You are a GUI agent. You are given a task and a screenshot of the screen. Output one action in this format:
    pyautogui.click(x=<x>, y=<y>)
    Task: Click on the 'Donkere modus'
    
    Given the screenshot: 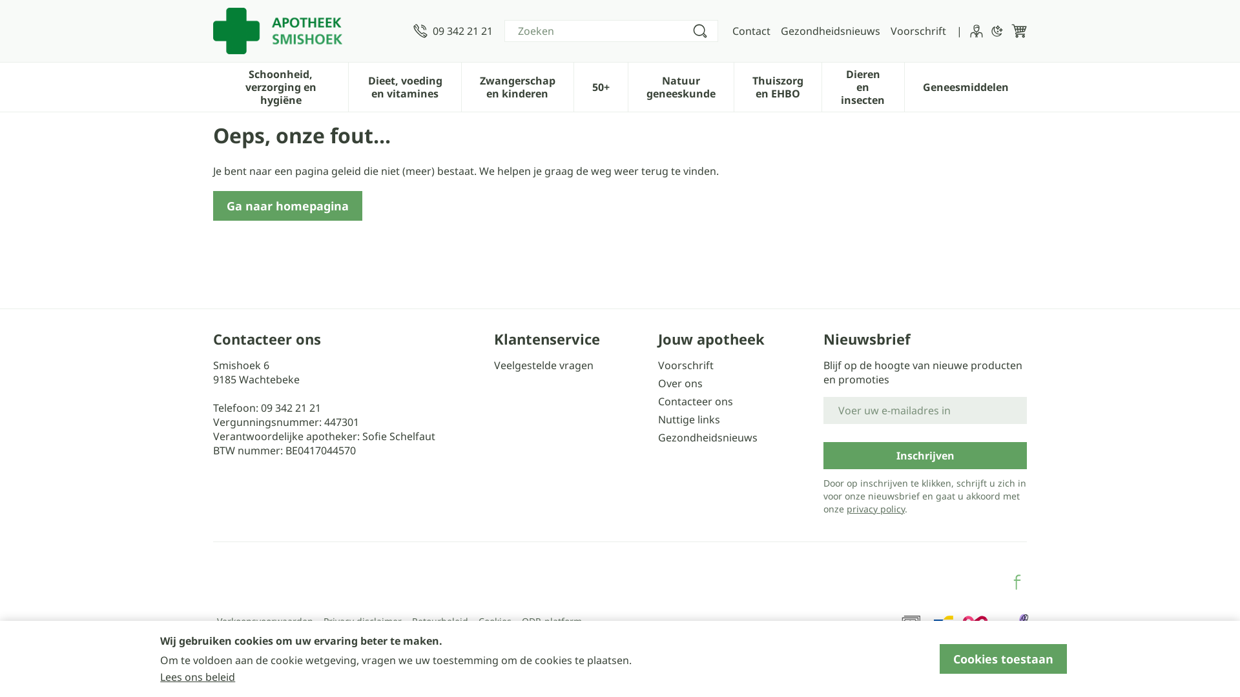 What is the action you would take?
    pyautogui.click(x=997, y=30)
    